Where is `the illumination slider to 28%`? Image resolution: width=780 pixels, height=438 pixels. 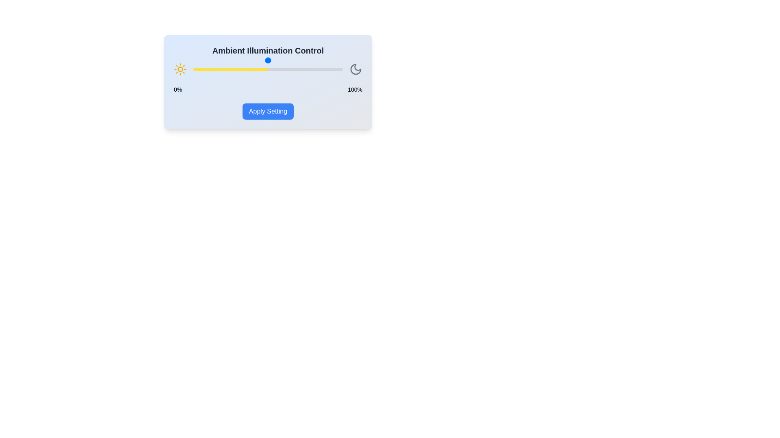 the illumination slider to 28% is located at coordinates (235, 69).